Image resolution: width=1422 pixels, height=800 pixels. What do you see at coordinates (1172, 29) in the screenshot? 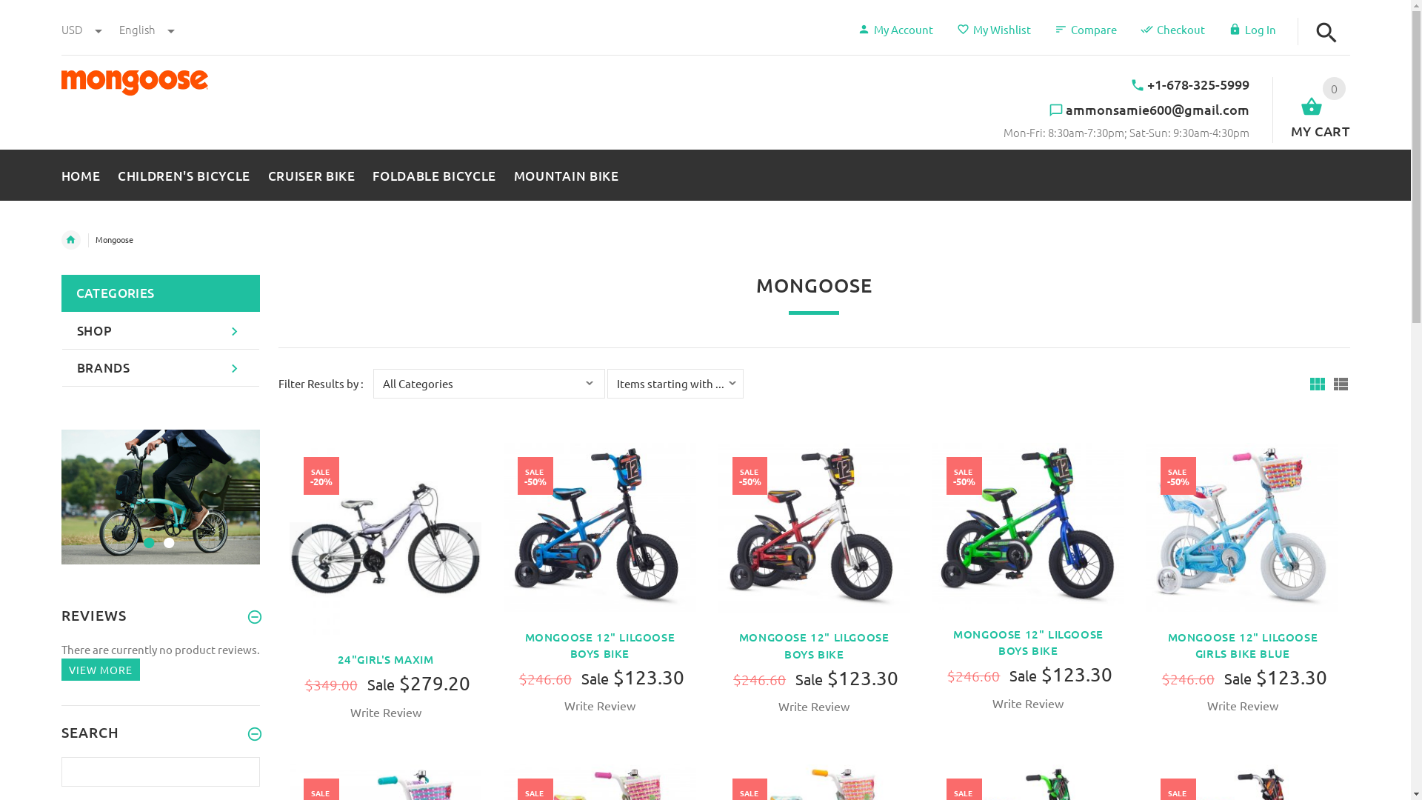
I see `'Checkout'` at bounding box center [1172, 29].